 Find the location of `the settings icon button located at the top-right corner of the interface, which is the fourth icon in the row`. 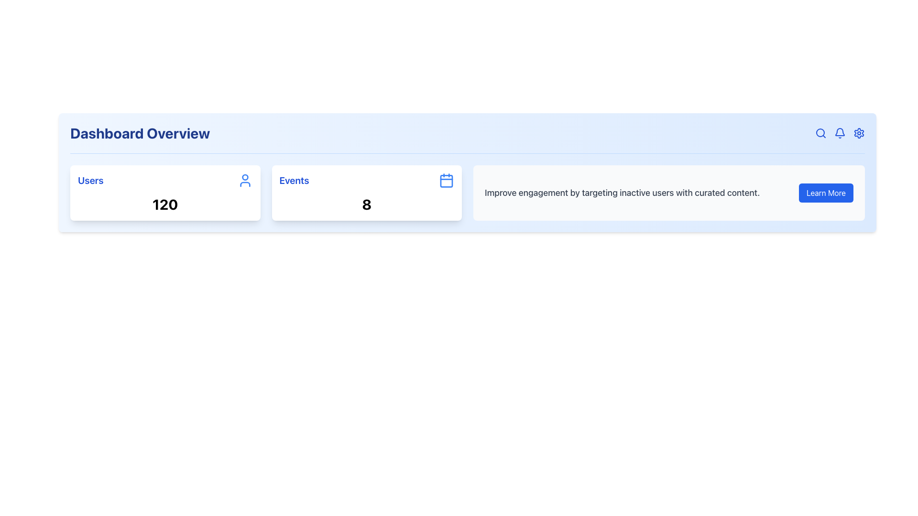

the settings icon button located at the top-right corner of the interface, which is the fourth icon in the row is located at coordinates (859, 133).